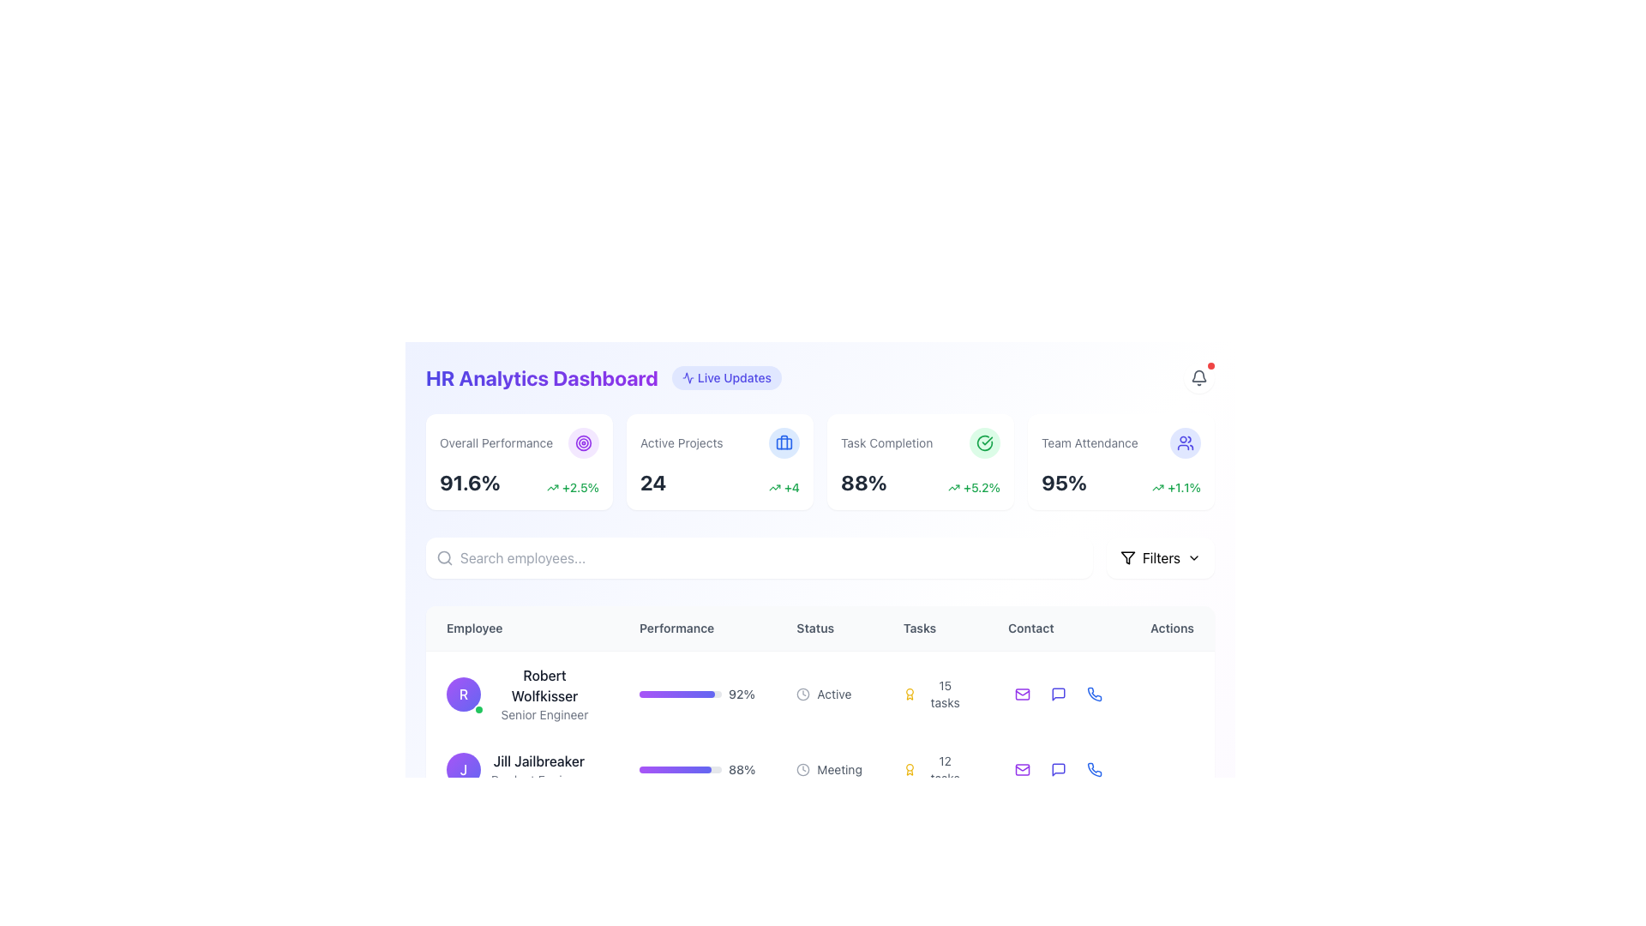  Describe the element at coordinates (697, 769) in the screenshot. I see `the Performance indicator progress bar for user 'Jill Jailbreaker', which displays '88%'` at that location.